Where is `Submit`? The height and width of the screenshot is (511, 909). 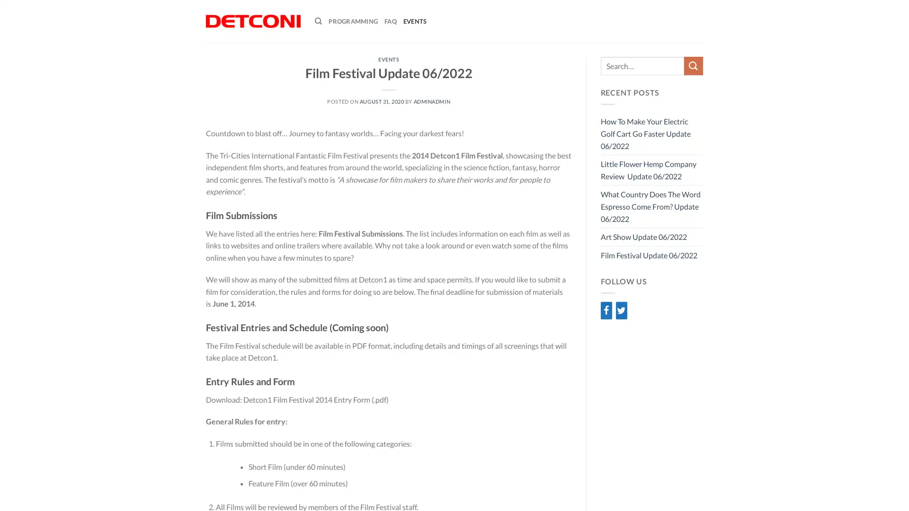
Submit is located at coordinates (693, 65).